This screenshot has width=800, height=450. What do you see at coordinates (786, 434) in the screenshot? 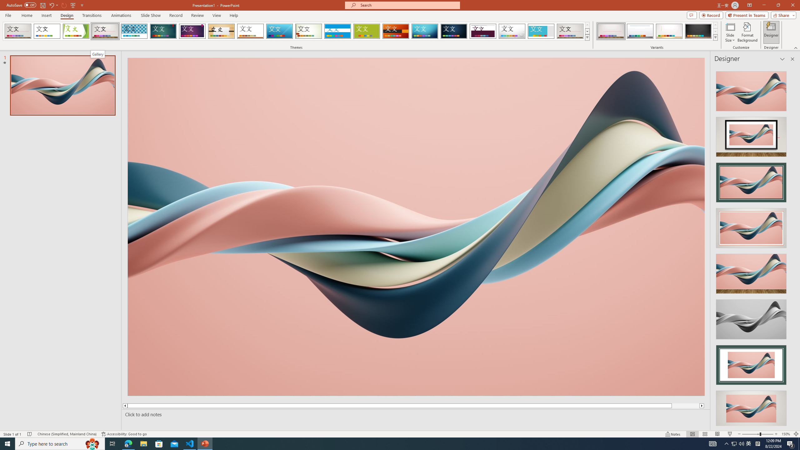
I see `'Zoom 150%'` at bounding box center [786, 434].